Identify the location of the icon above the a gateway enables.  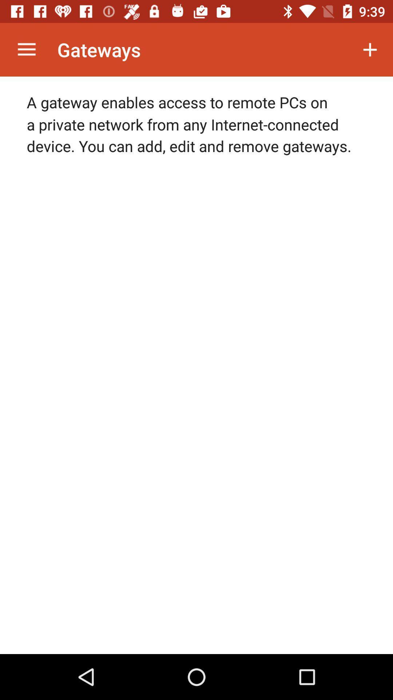
(26, 49).